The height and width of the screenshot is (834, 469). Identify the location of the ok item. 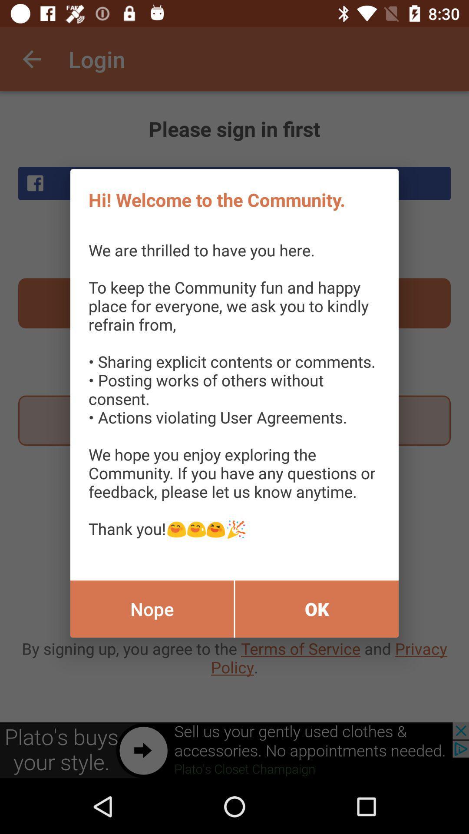
(317, 609).